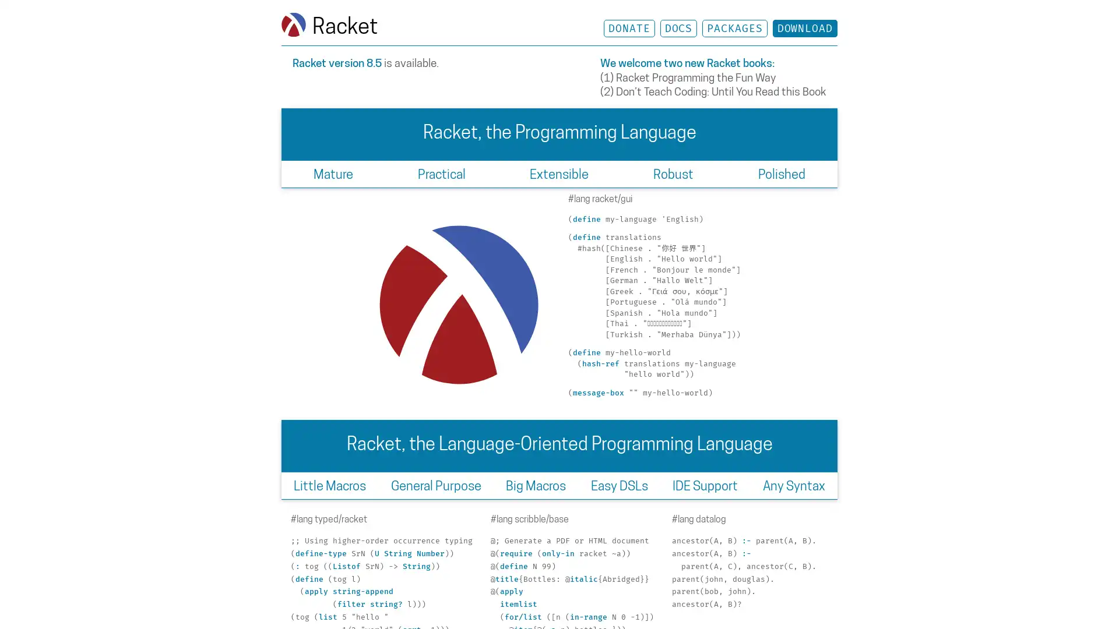 This screenshot has width=1119, height=629. What do you see at coordinates (535, 485) in the screenshot?
I see `Big Macros` at bounding box center [535, 485].